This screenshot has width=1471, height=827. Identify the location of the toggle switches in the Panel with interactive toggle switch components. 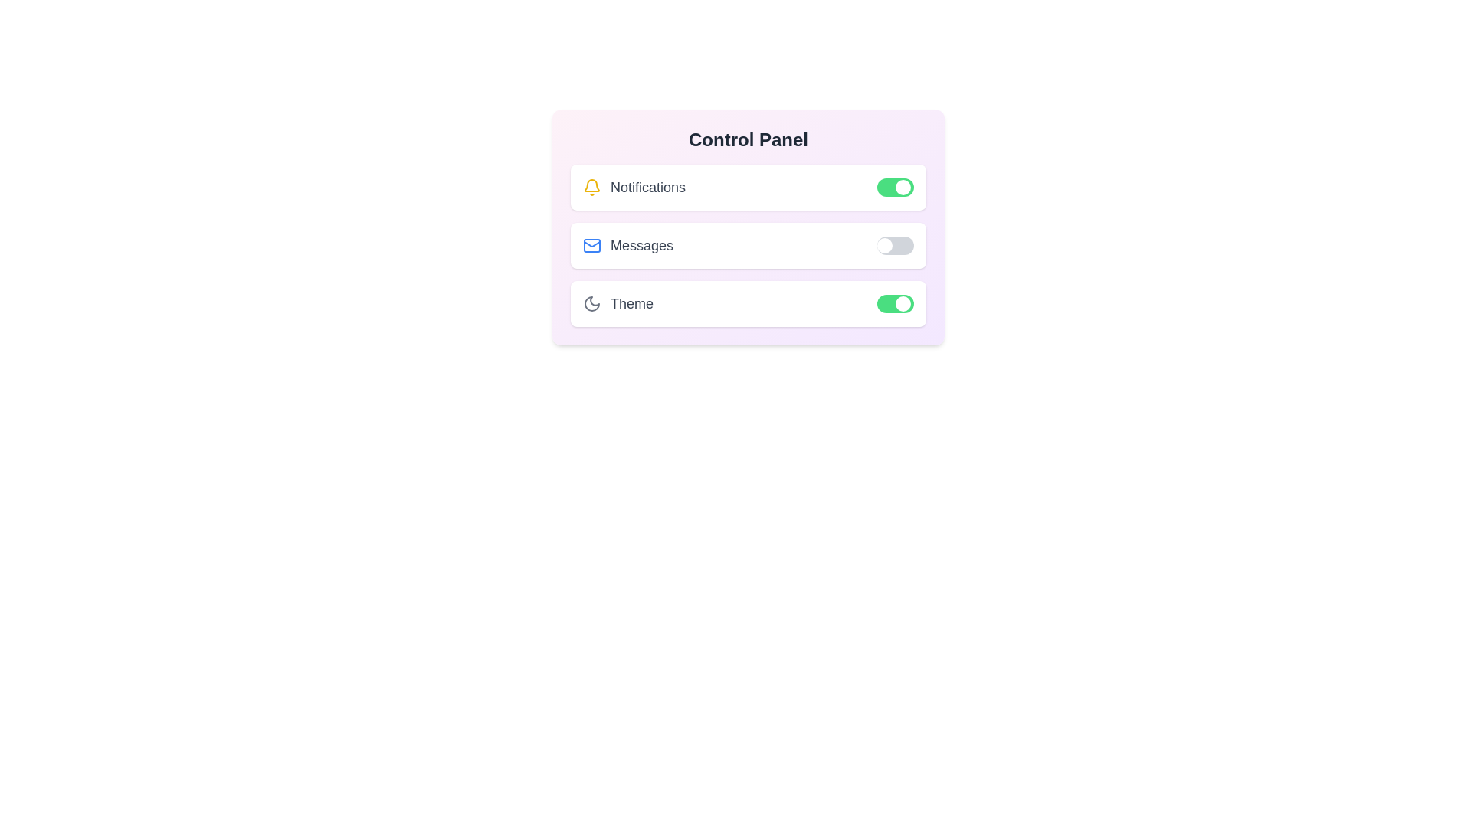
(749, 227).